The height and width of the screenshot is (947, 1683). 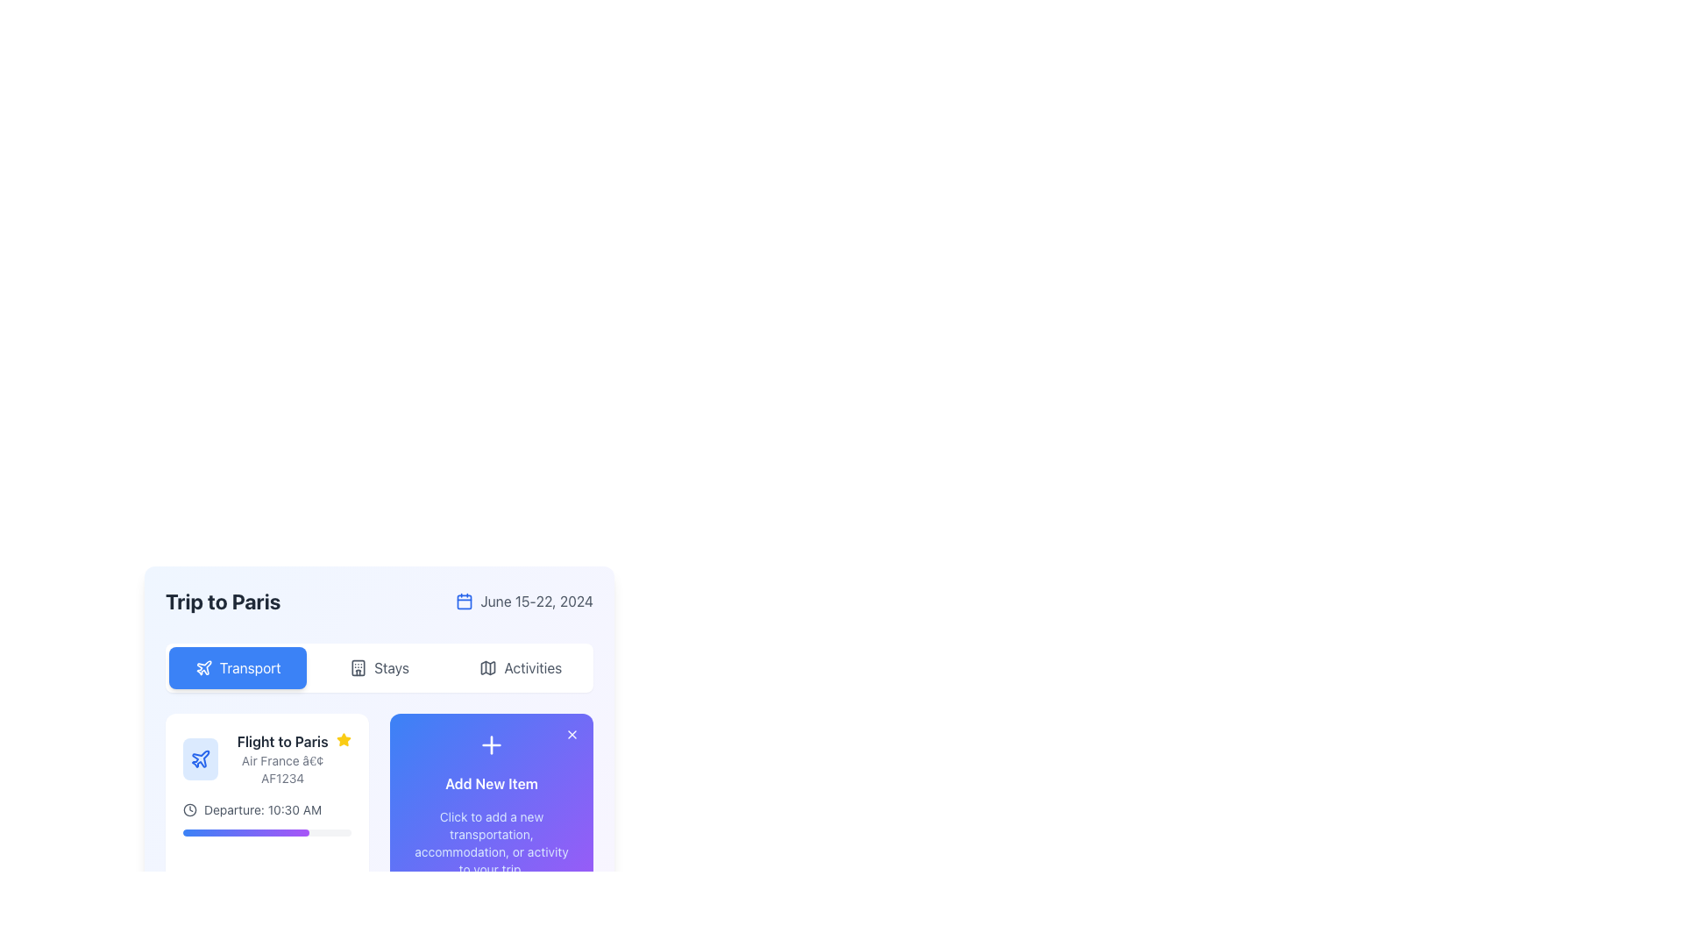 What do you see at coordinates (488, 668) in the screenshot?
I see `the largest central part of the map icon, which is a stylized folded paper design, to trigger tooltips or visual effects` at bounding box center [488, 668].